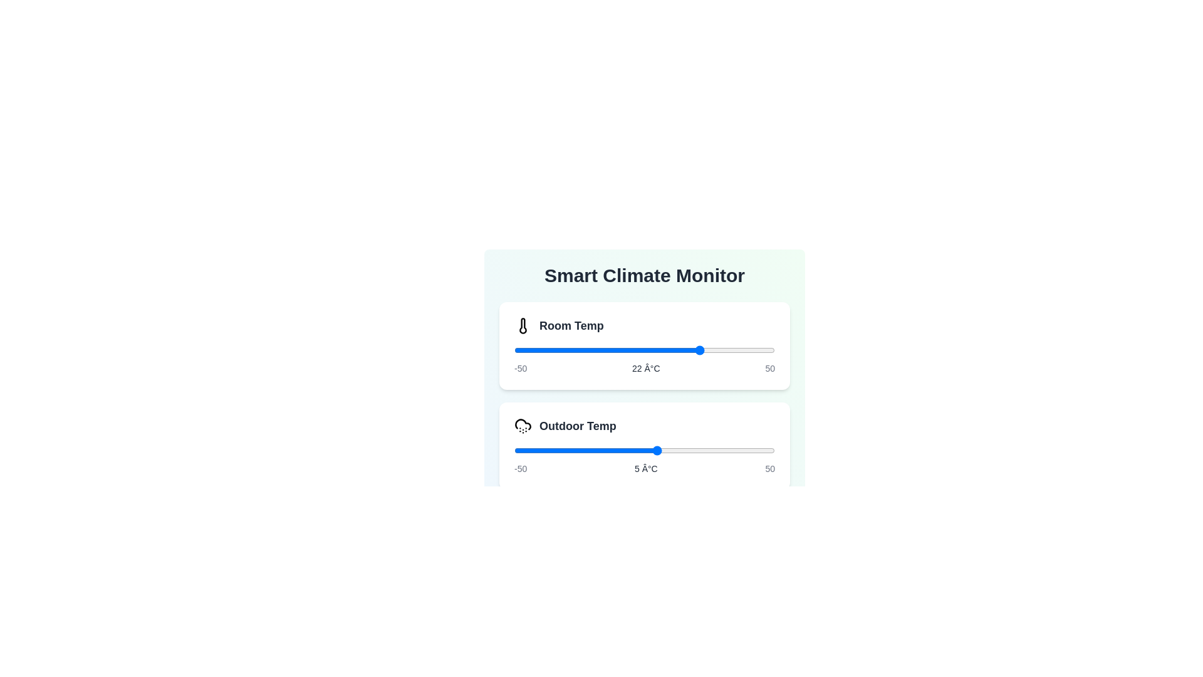 This screenshot has height=677, width=1203. I want to click on the slider for Outdoor Temp to set its value to -38°C, so click(545, 449).